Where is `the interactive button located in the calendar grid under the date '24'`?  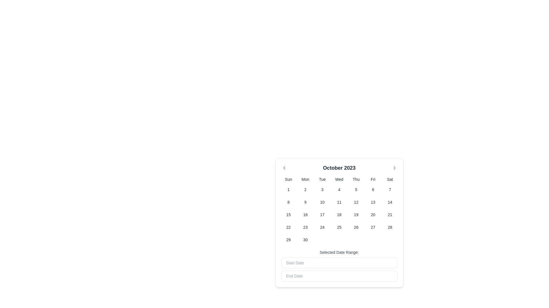 the interactive button located in the calendar grid under the date '24' is located at coordinates (322, 227).